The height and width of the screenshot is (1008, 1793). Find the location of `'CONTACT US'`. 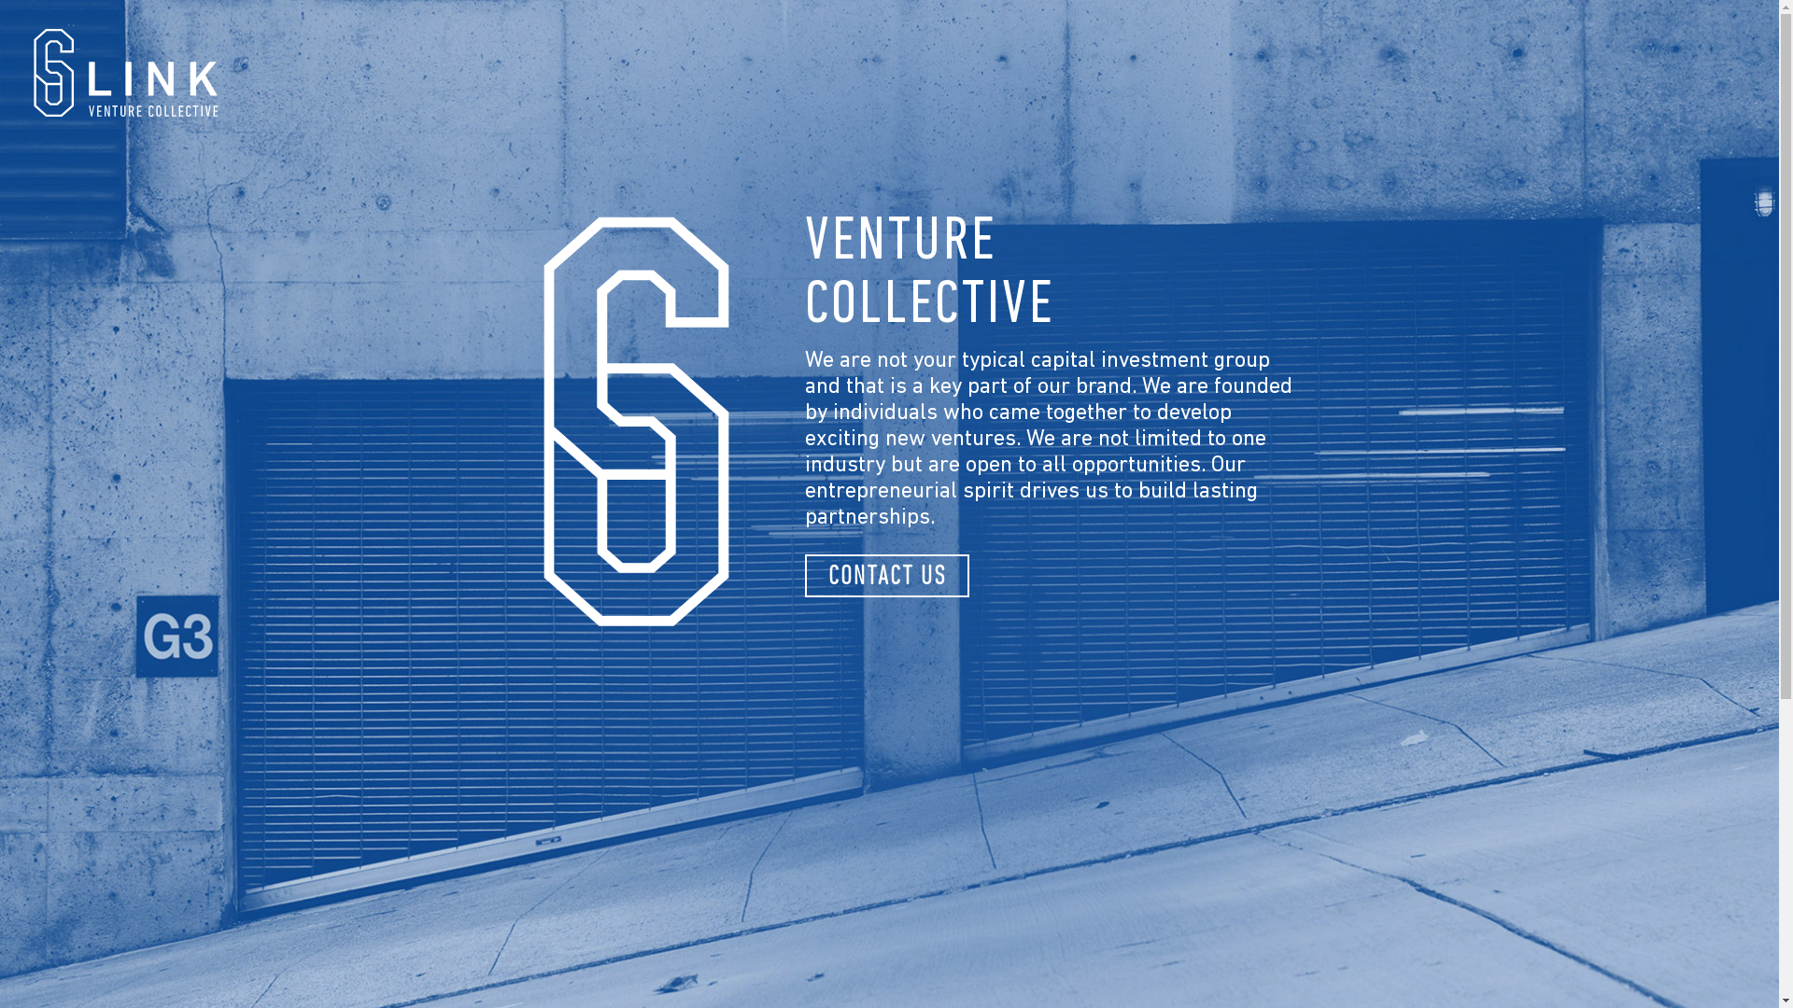

'CONTACT US' is located at coordinates (805, 575).